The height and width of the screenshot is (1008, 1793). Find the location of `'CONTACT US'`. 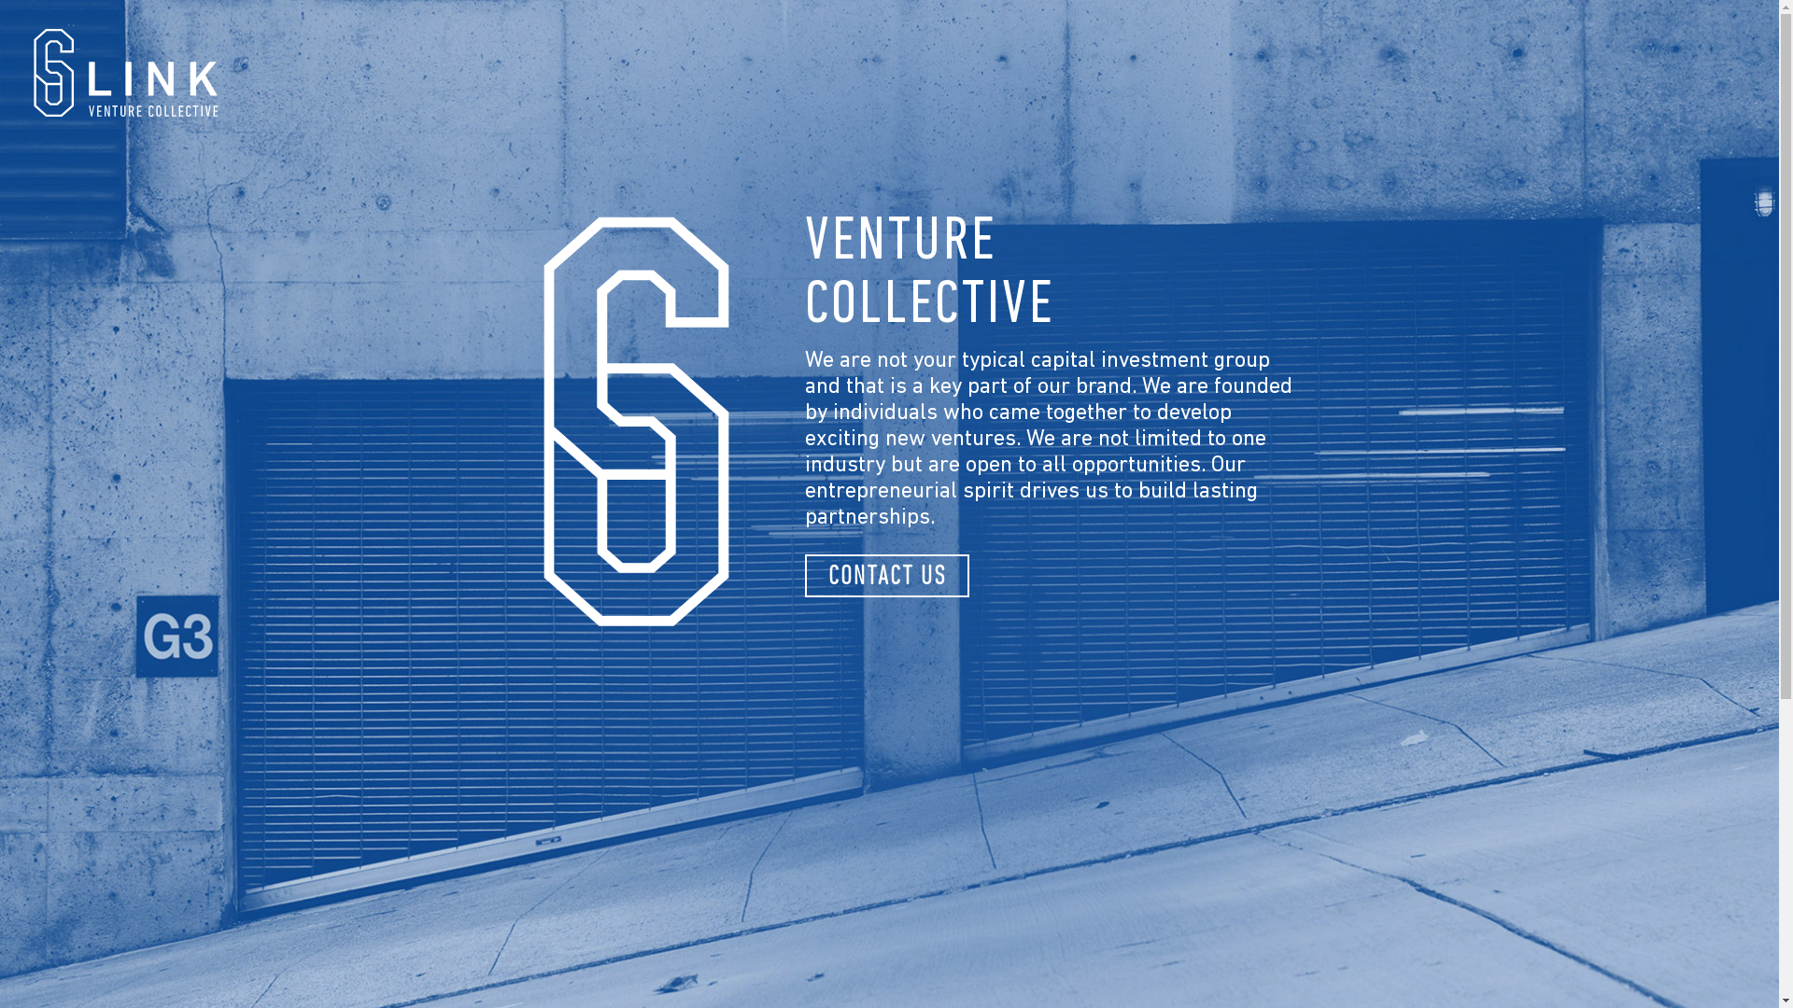

'CONTACT US' is located at coordinates (805, 575).